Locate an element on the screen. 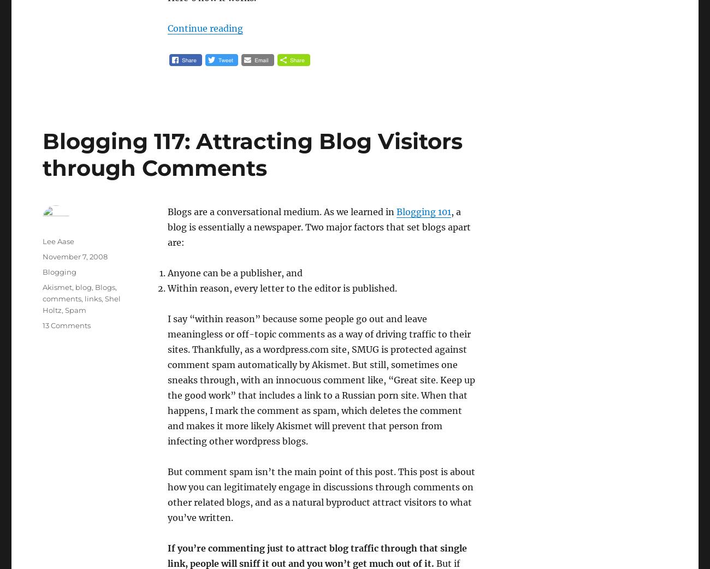  'Shel Holtz' is located at coordinates (81, 304).